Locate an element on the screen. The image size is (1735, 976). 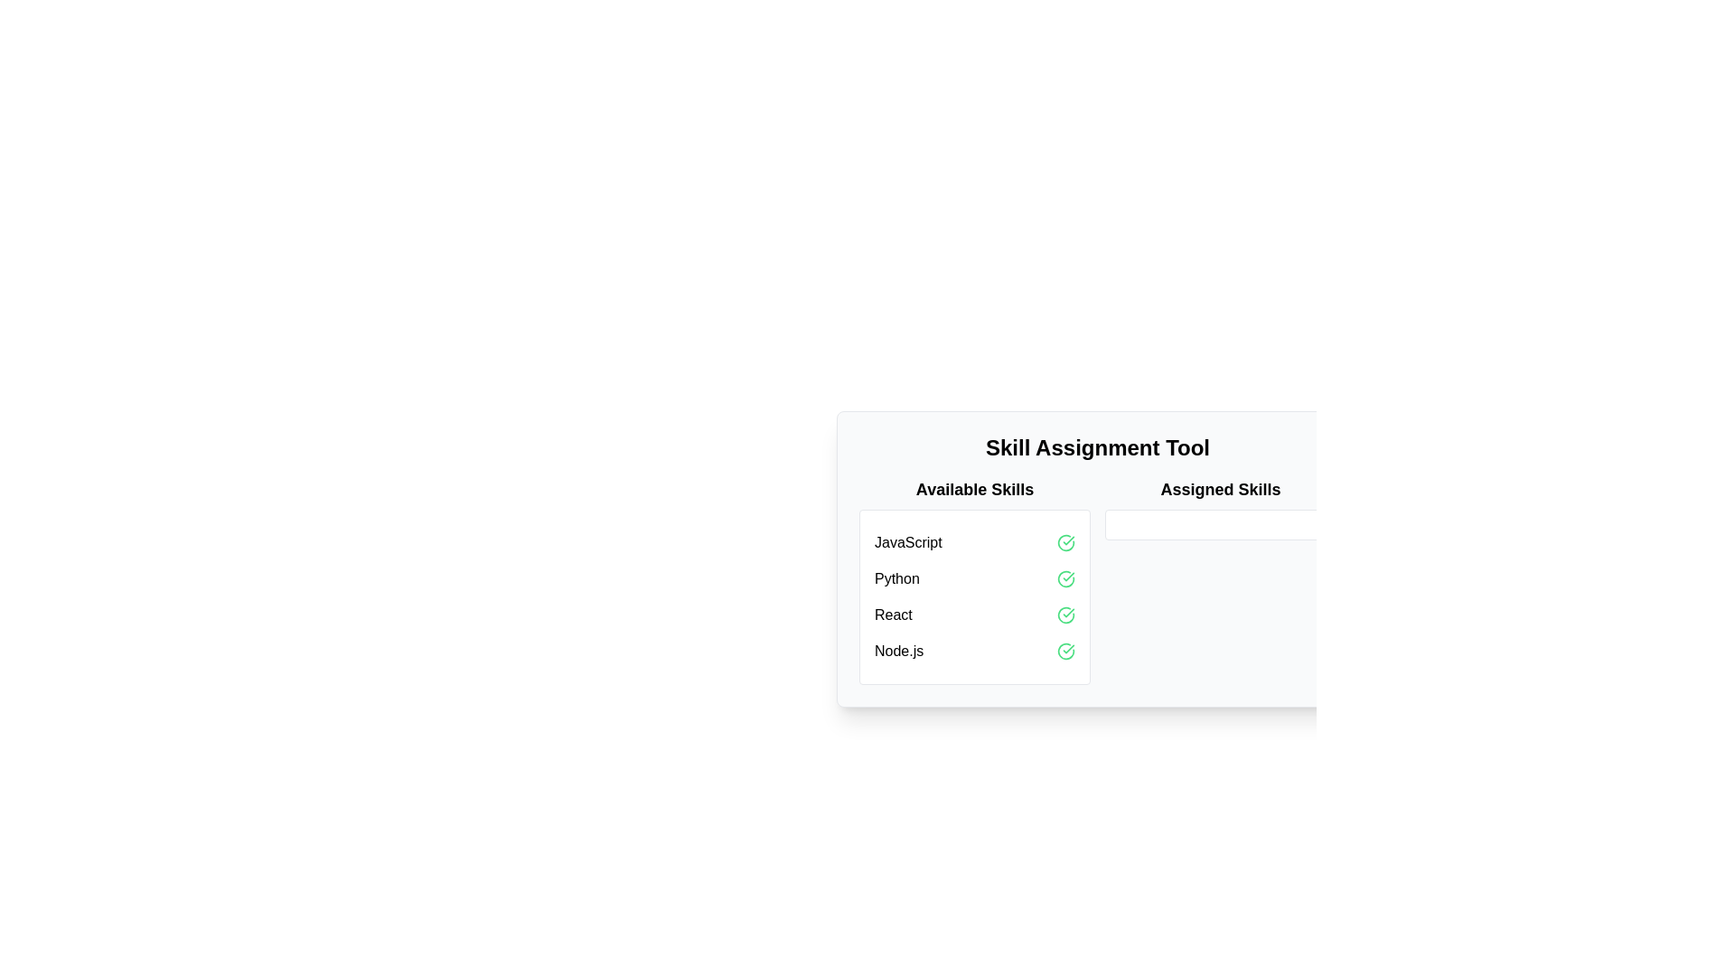
the first list item labeled 'JavaScript' in the 'Available Skills' section is located at coordinates (974, 542).